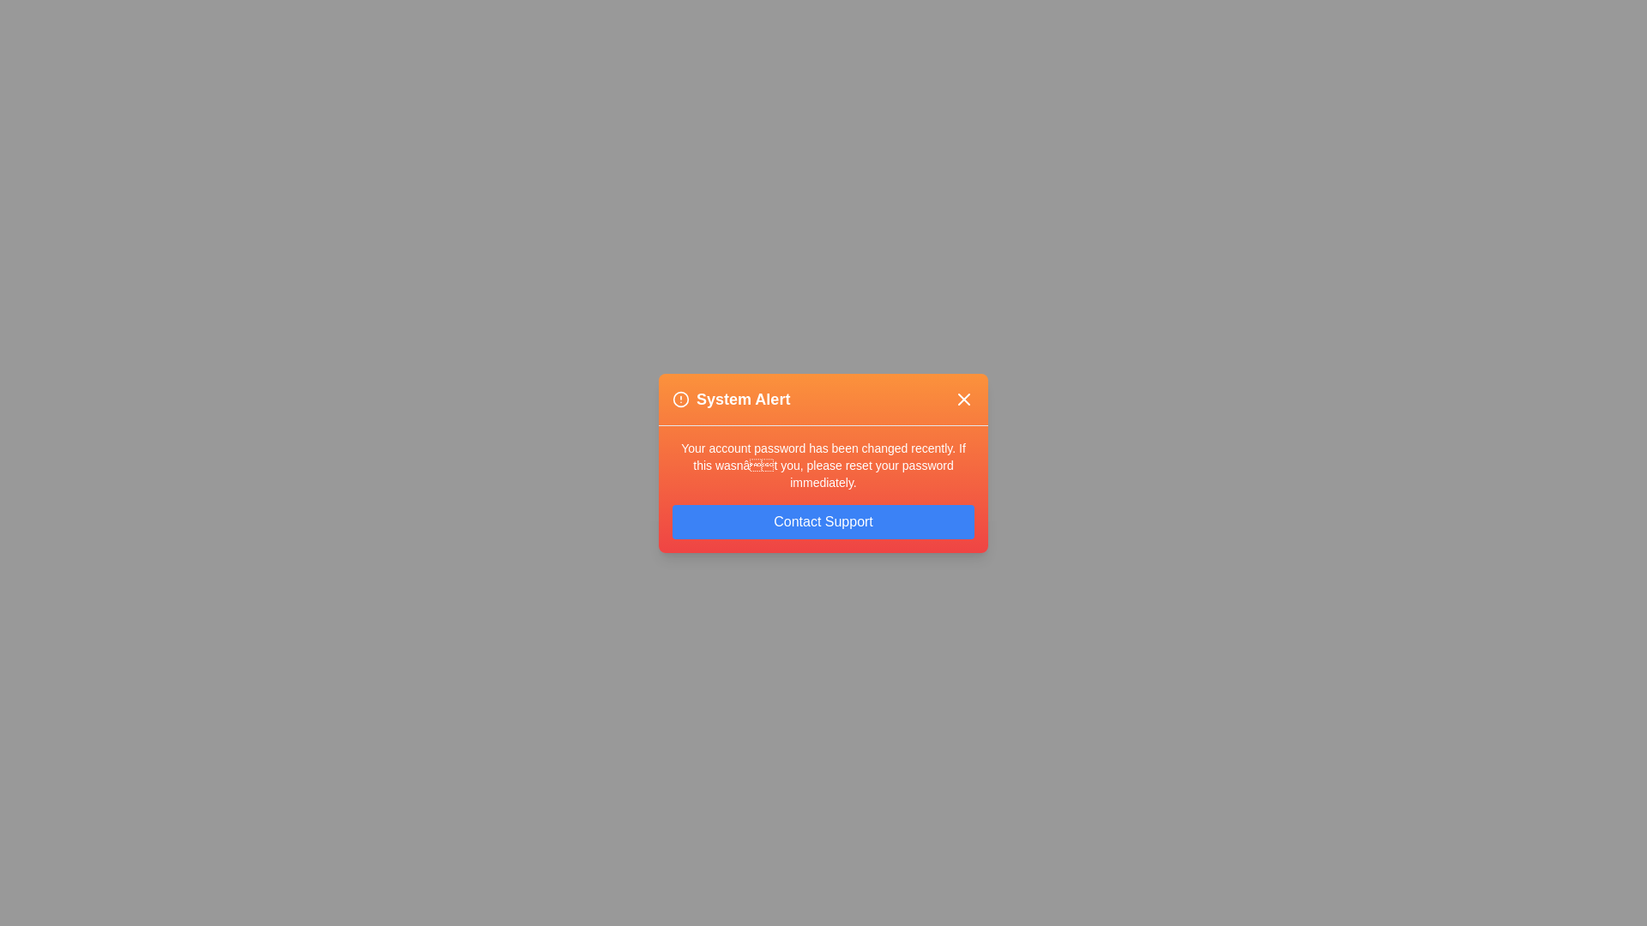  What do you see at coordinates (963, 399) in the screenshot?
I see `the close button to close the alert dialog` at bounding box center [963, 399].